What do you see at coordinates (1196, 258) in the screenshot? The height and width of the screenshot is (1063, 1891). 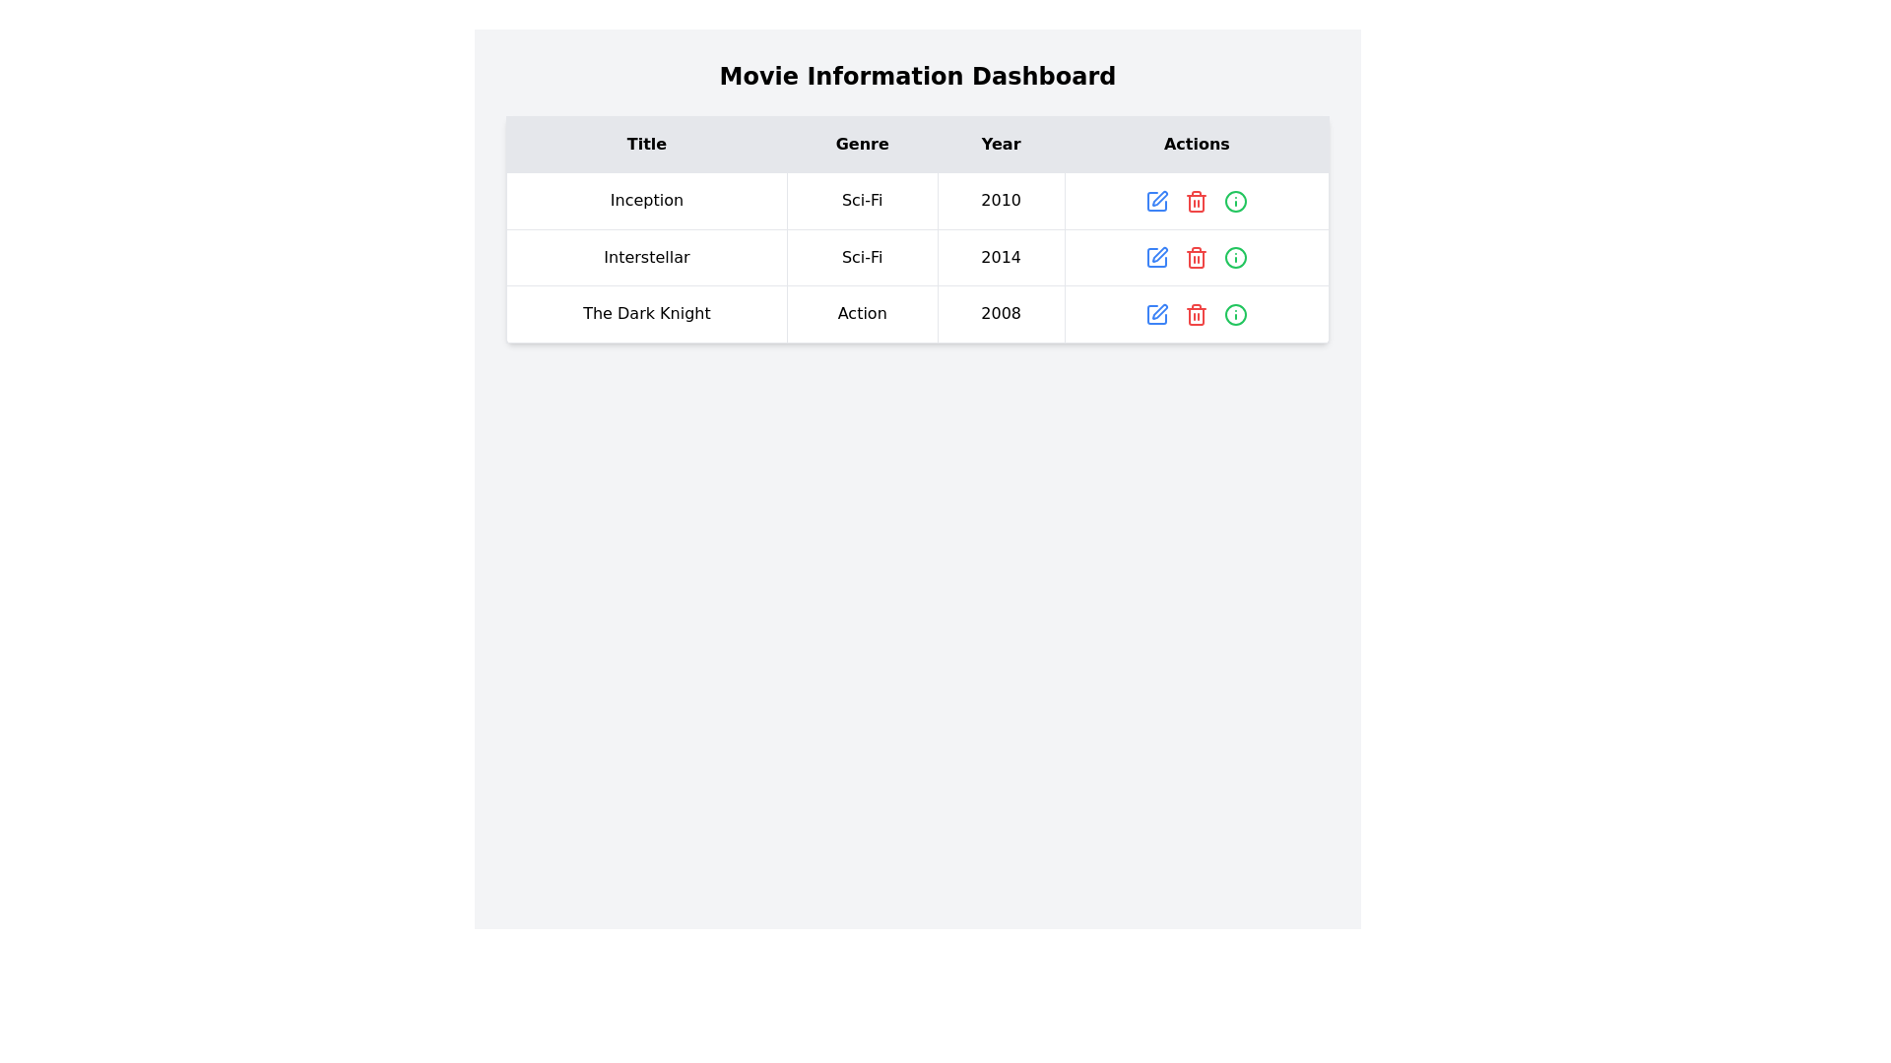 I see `the red trash can icon located in the 'Actions' column of the second row` at bounding box center [1196, 258].